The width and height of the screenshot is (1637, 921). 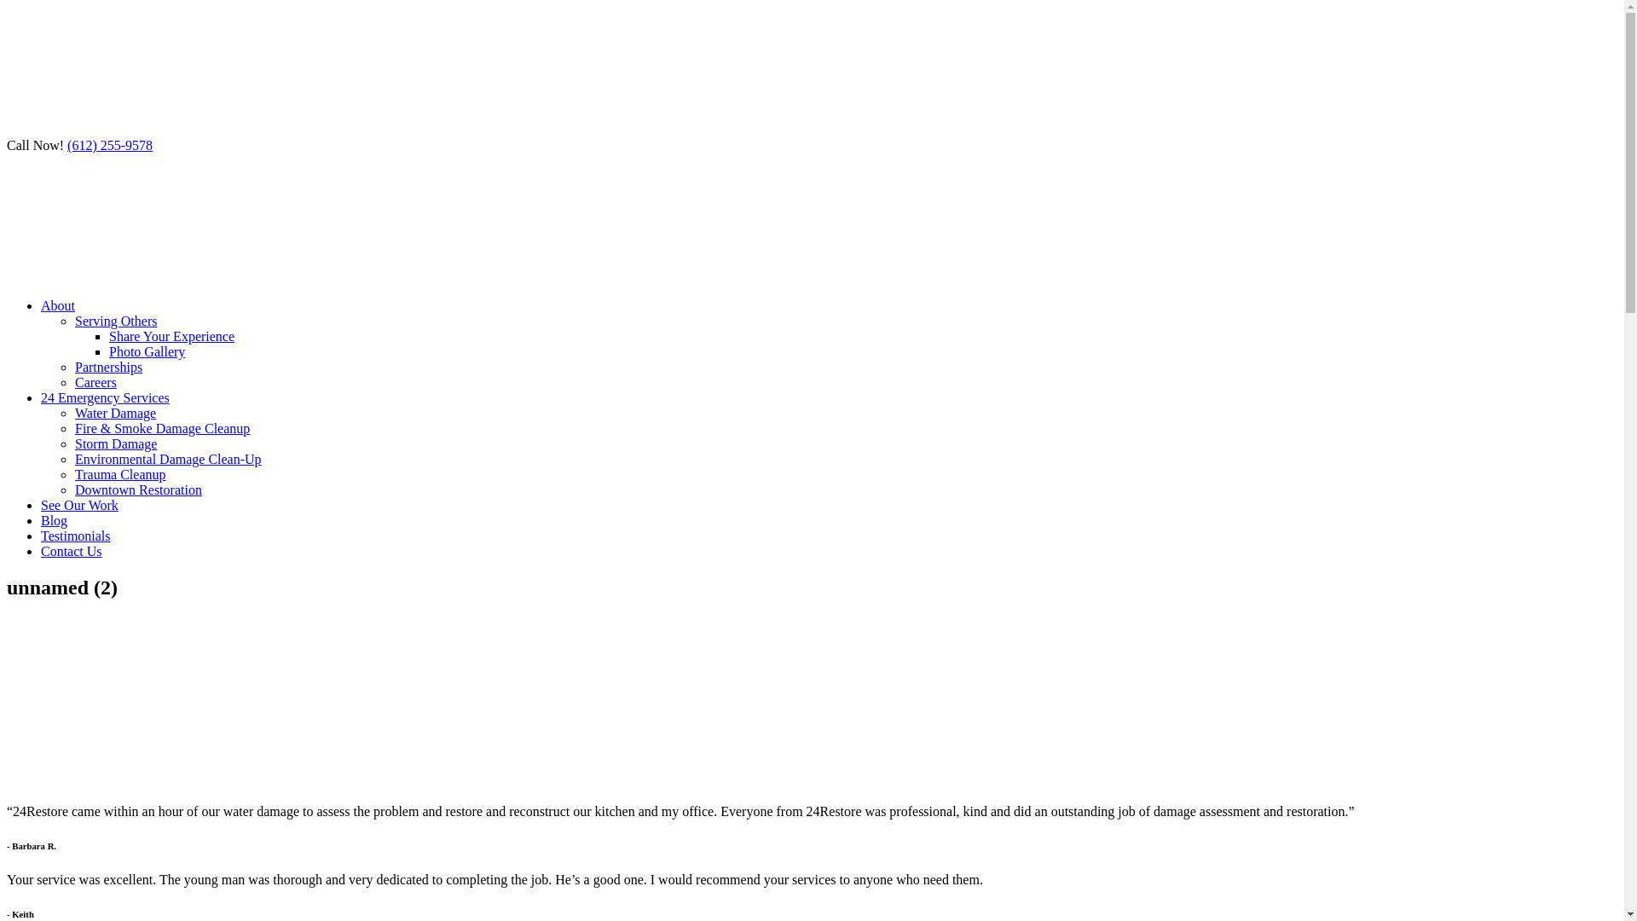 What do you see at coordinates (168, 458) in the screenshot?
I see `'Environmental Damage Clean-Up'` at bounding box center [168, 458].